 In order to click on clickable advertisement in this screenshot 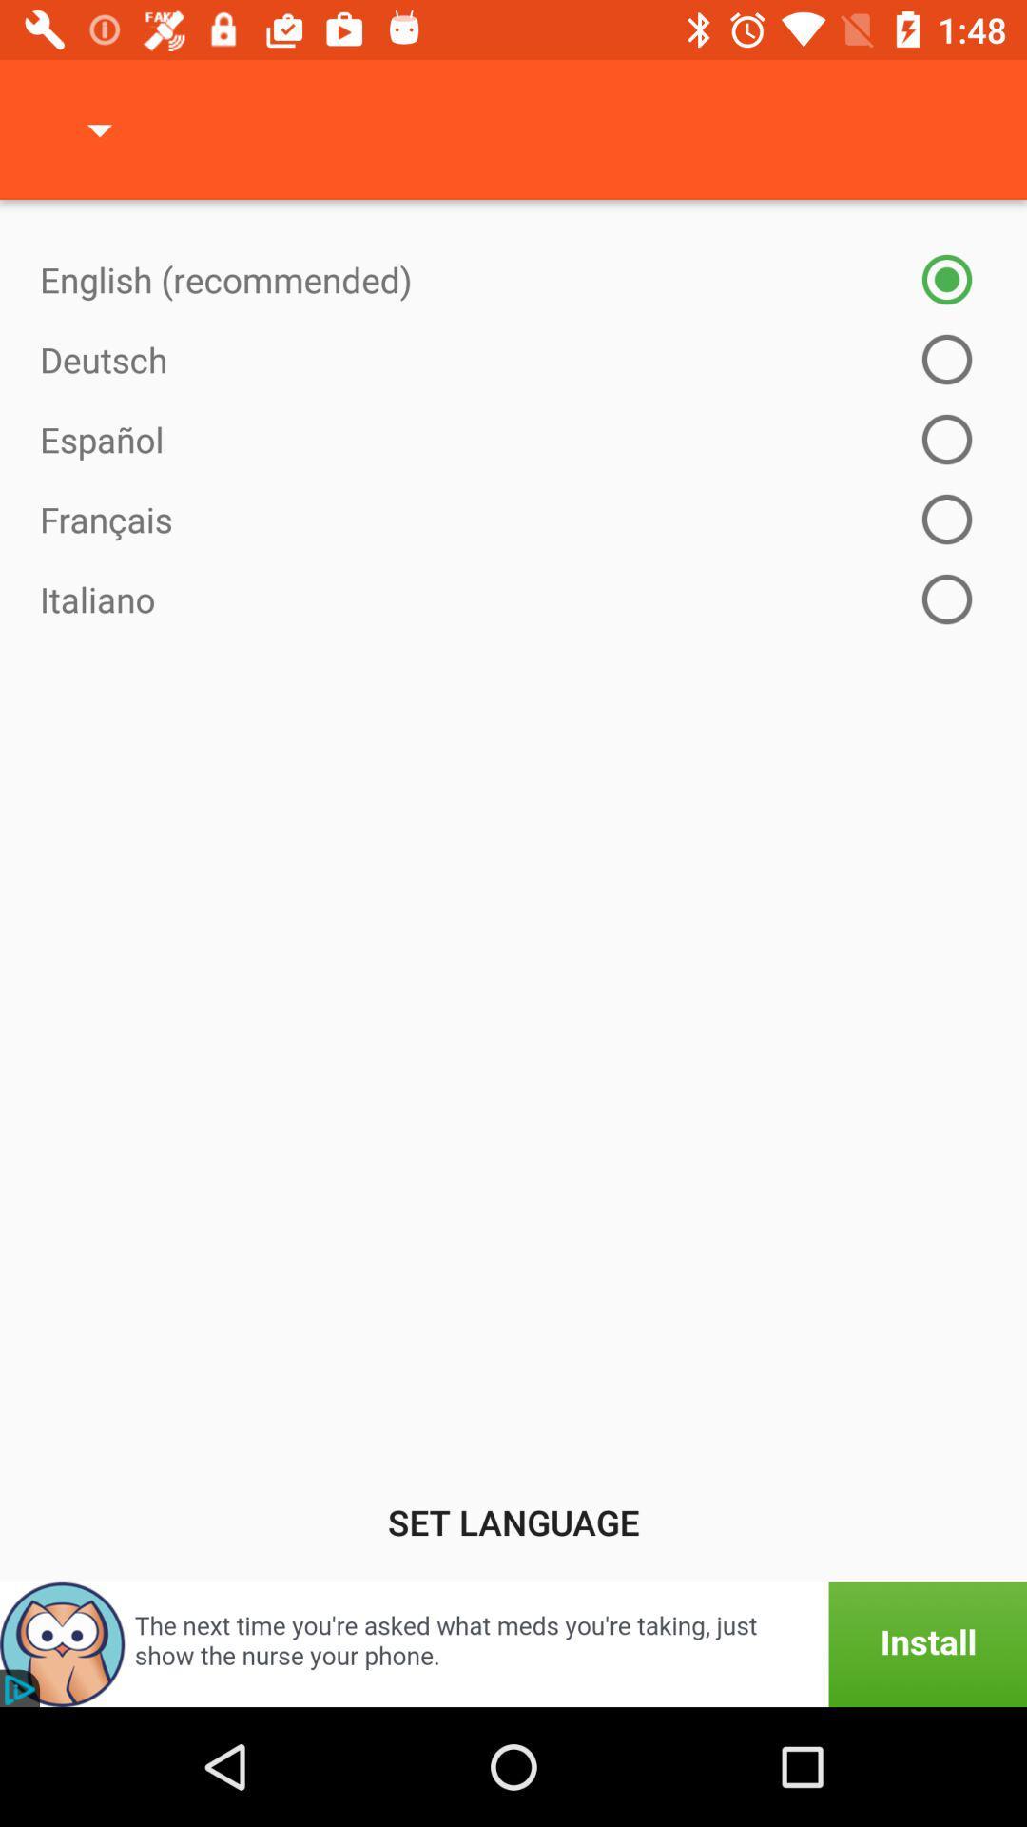, I will do `click(513, 1643)`.